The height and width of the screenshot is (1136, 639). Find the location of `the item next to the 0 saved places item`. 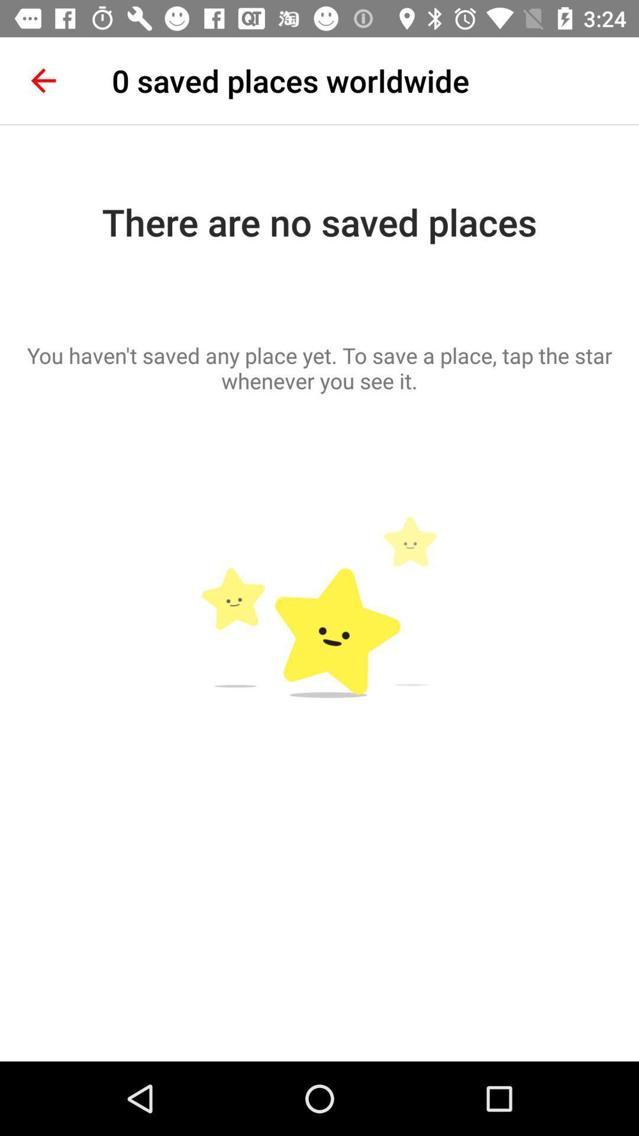

the item next to the 0 saved places item is located at coordinates (43, 80).